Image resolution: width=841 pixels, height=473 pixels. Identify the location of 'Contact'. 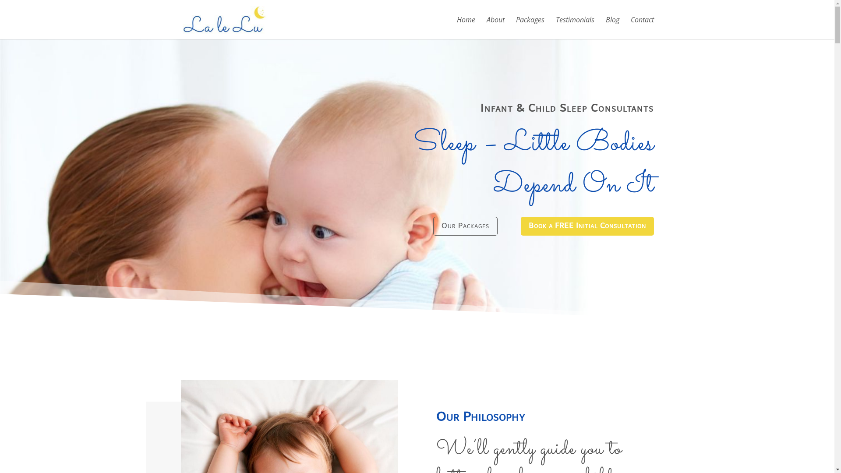
(642, 28).